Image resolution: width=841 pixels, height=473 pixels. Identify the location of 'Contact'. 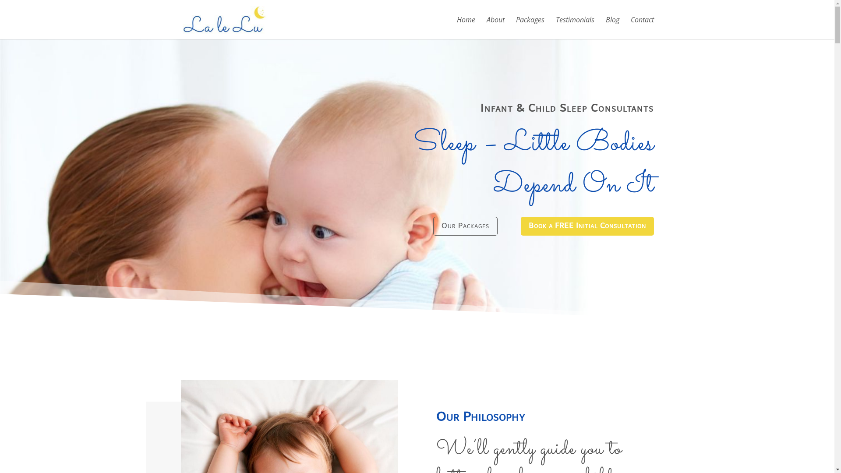
(642, 28).